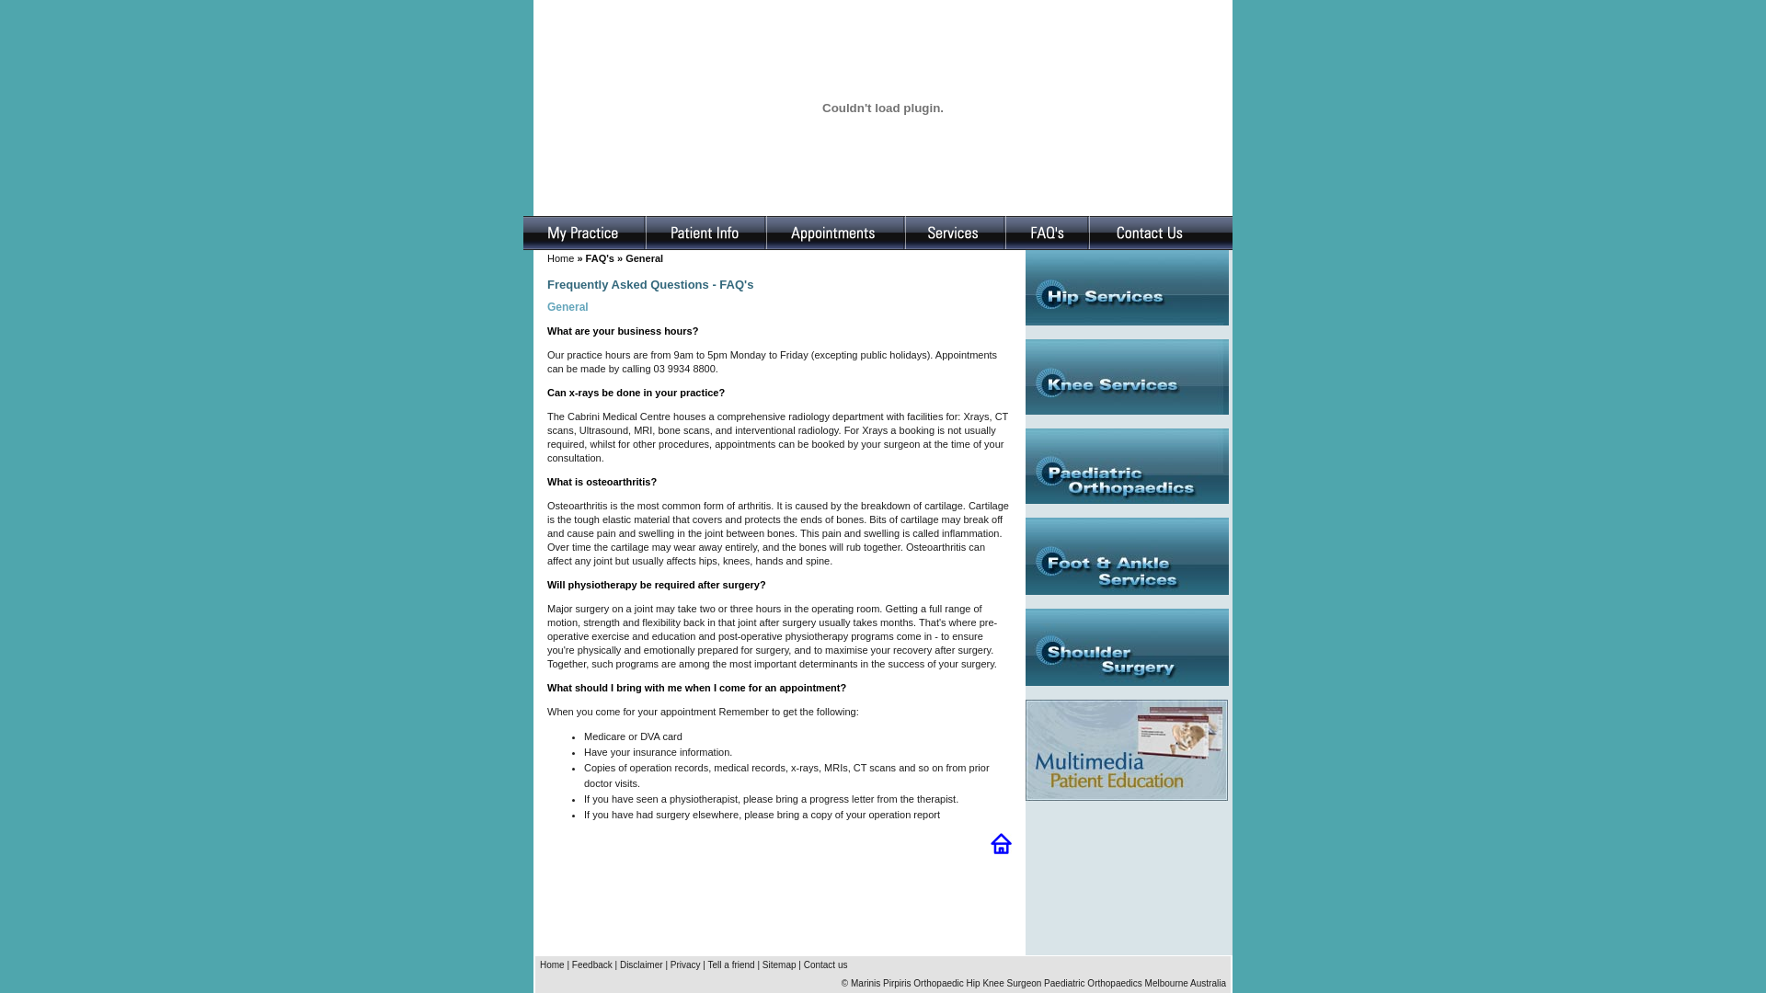 The width and height of the screenshot is (1766, 993). What do you see at coordinates (824, 964) in the screenshot?
I see `'Contact us'` at bounding box center [824, 964].